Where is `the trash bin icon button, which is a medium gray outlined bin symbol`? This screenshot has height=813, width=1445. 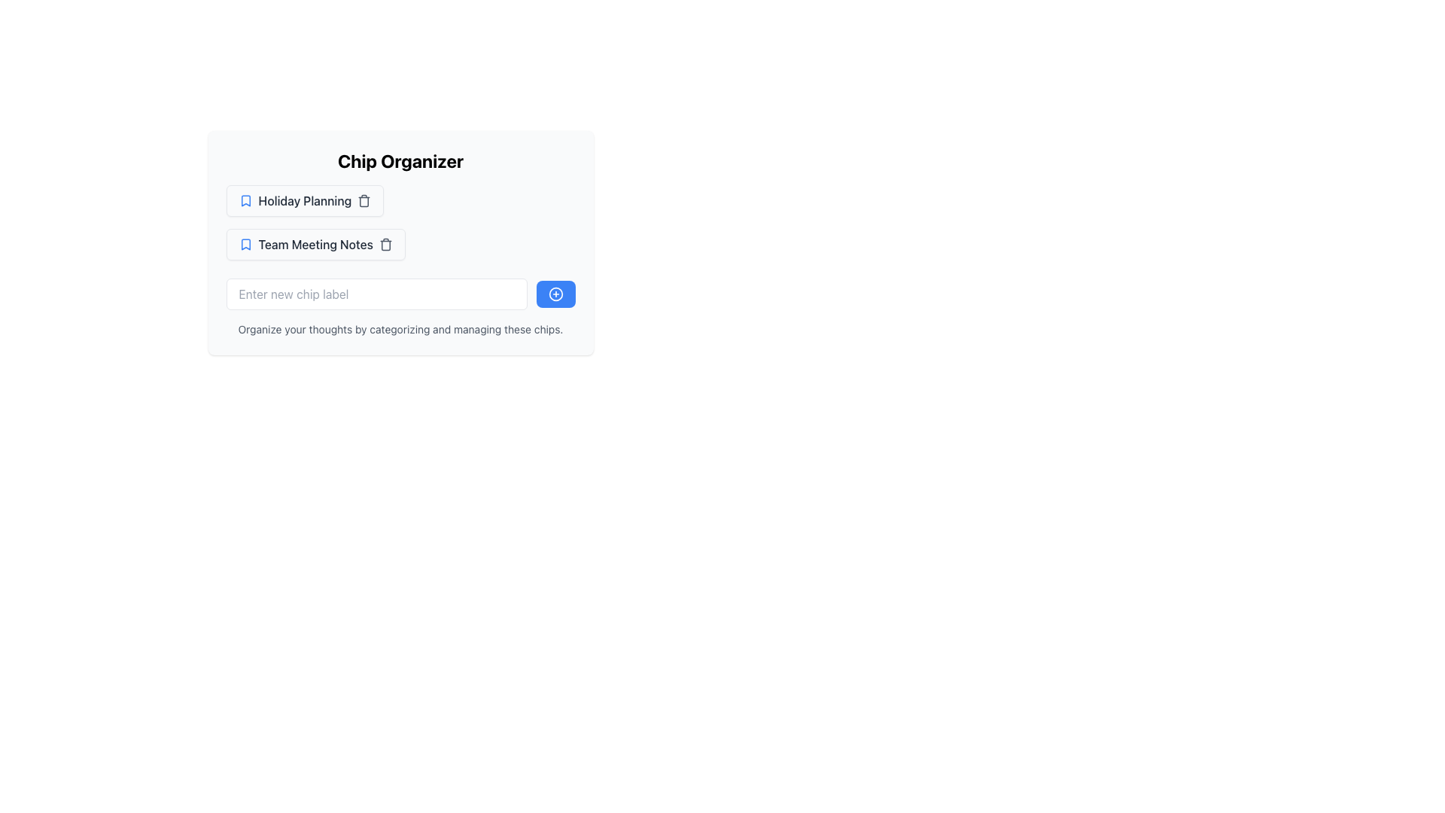
the trash bin icon button, which is a medium gray outlined bin symbol is located at coordinates (386, 243).